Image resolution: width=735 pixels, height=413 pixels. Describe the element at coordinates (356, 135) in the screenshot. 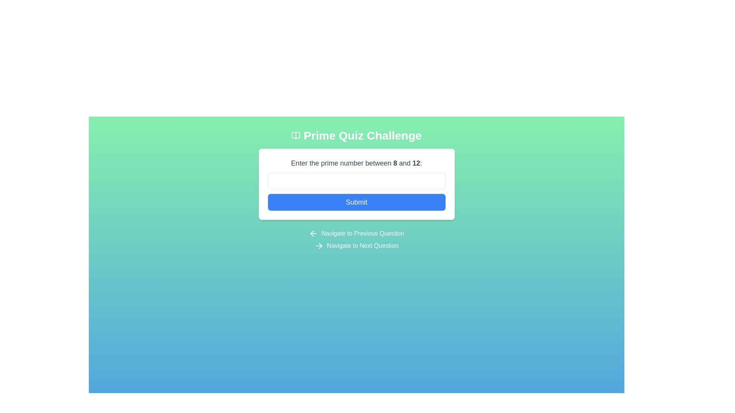

I see `the 'Prime Quiz Challenge' Text with Icon element, which features a bold white heading on a gradient background with a small book icon to its left` at that location.